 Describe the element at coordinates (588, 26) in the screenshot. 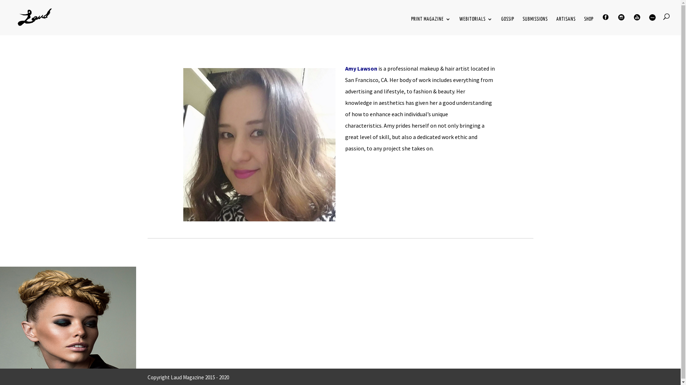

I see `'SHOP'` at that location.